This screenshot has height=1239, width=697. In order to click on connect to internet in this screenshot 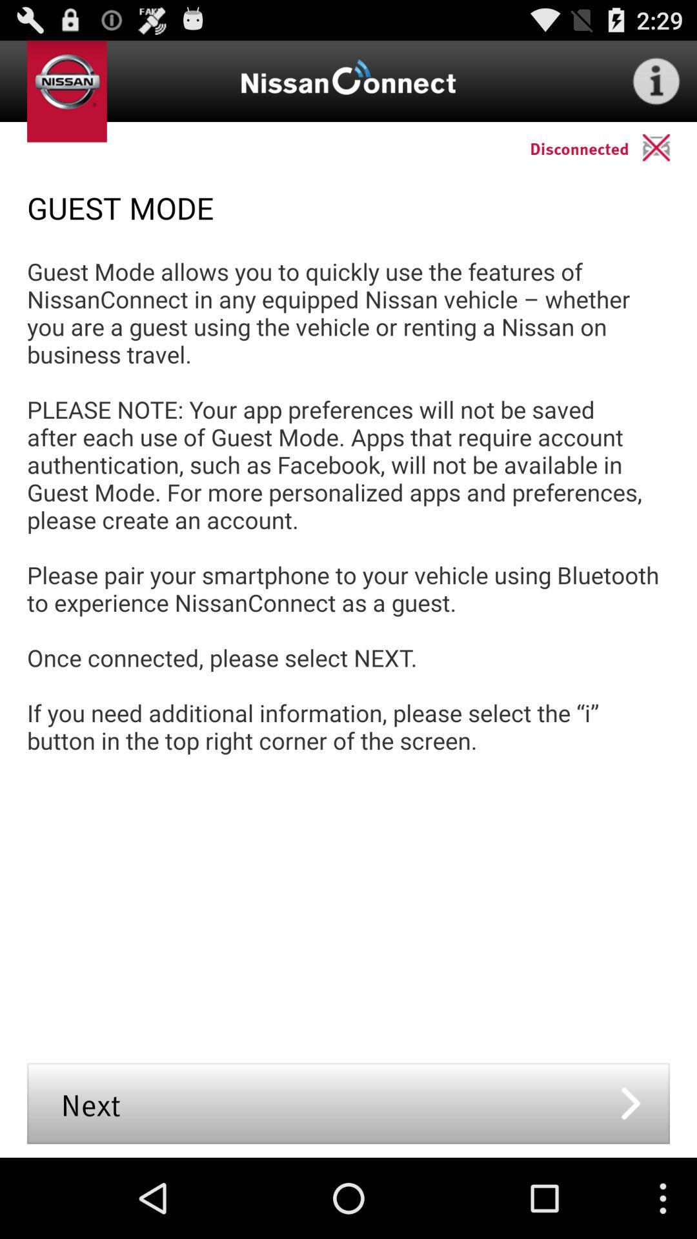, I will do `click(656, 80)`.